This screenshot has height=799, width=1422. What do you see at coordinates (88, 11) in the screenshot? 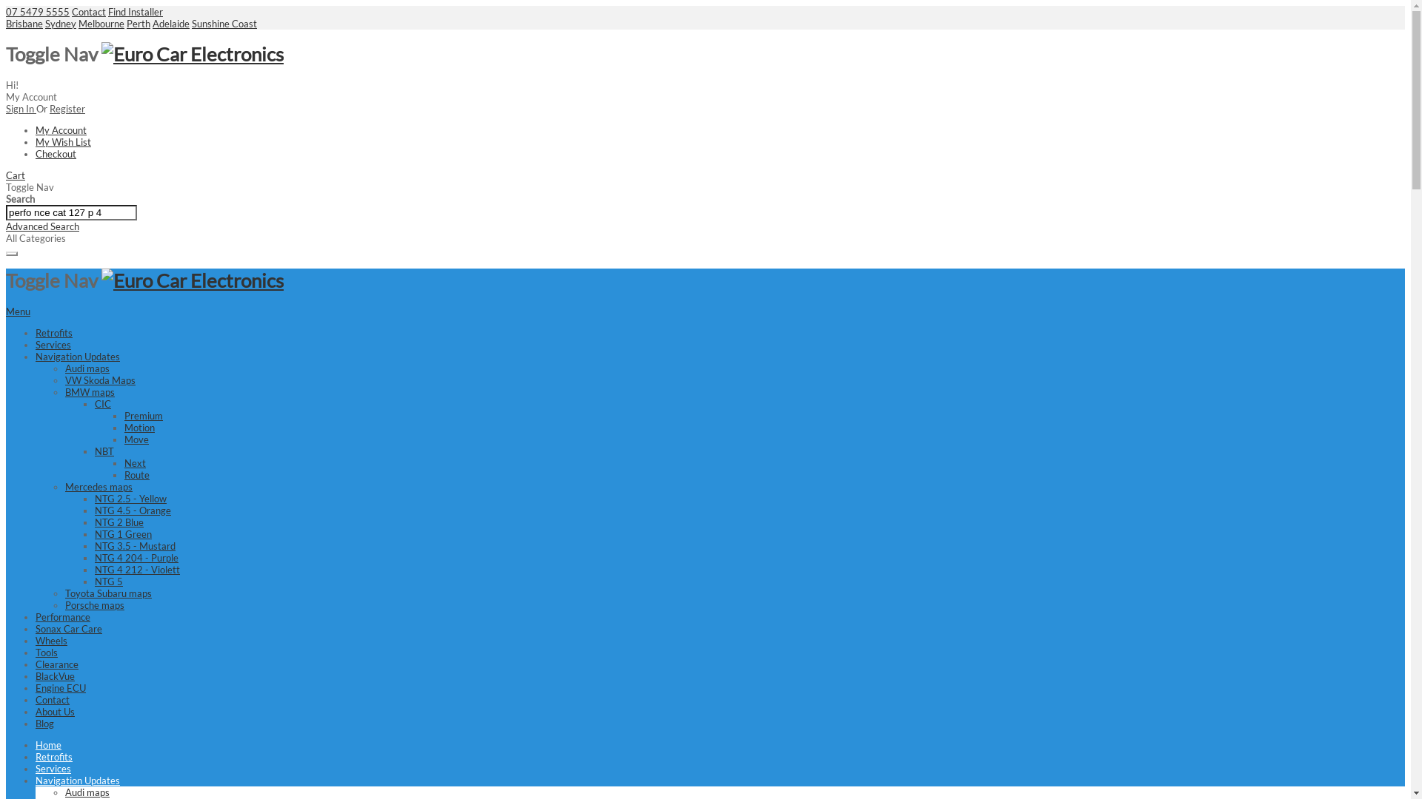
I see `'Contact'` at bounding box center [88, 11].